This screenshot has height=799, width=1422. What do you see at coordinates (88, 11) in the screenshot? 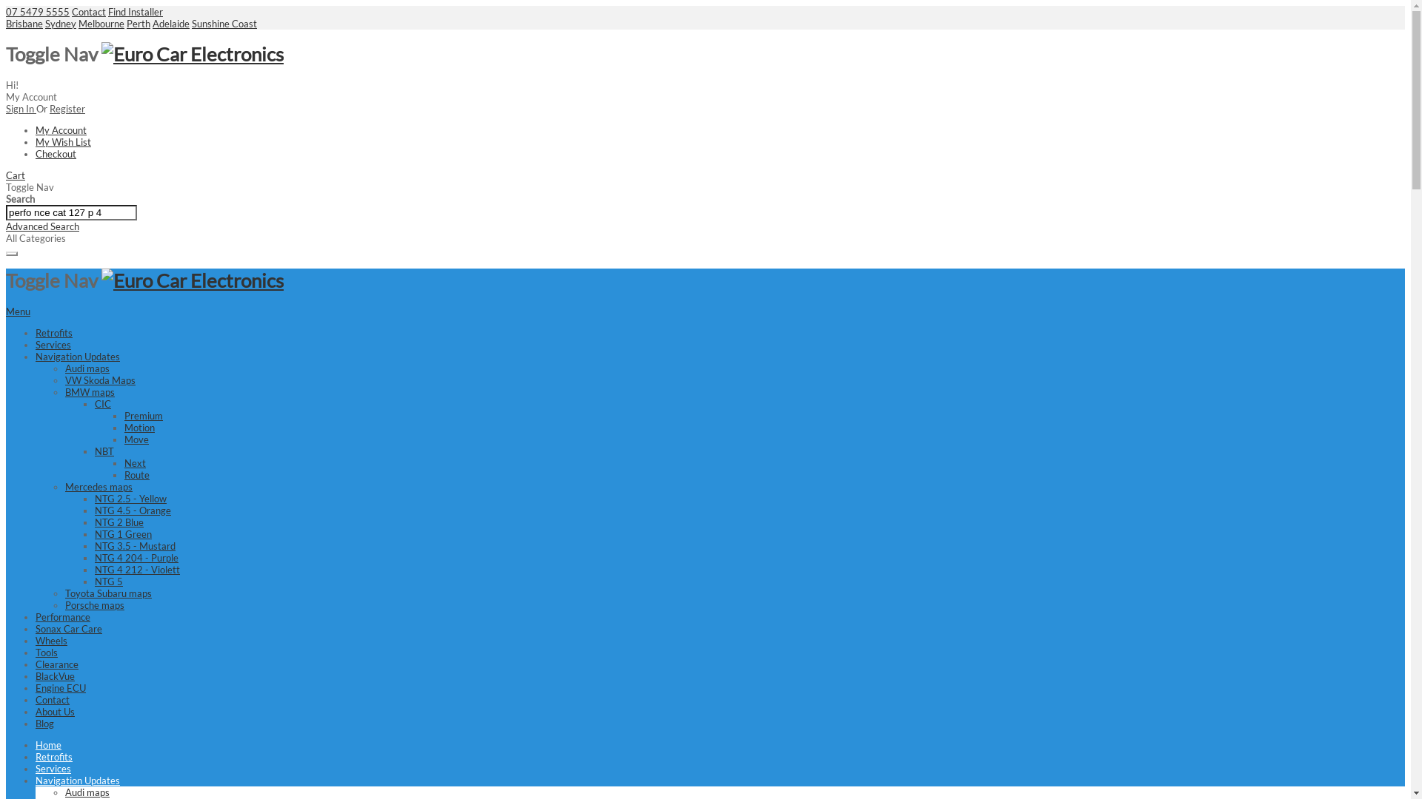
I see `'Contact'` at bounding box center [88, 11].